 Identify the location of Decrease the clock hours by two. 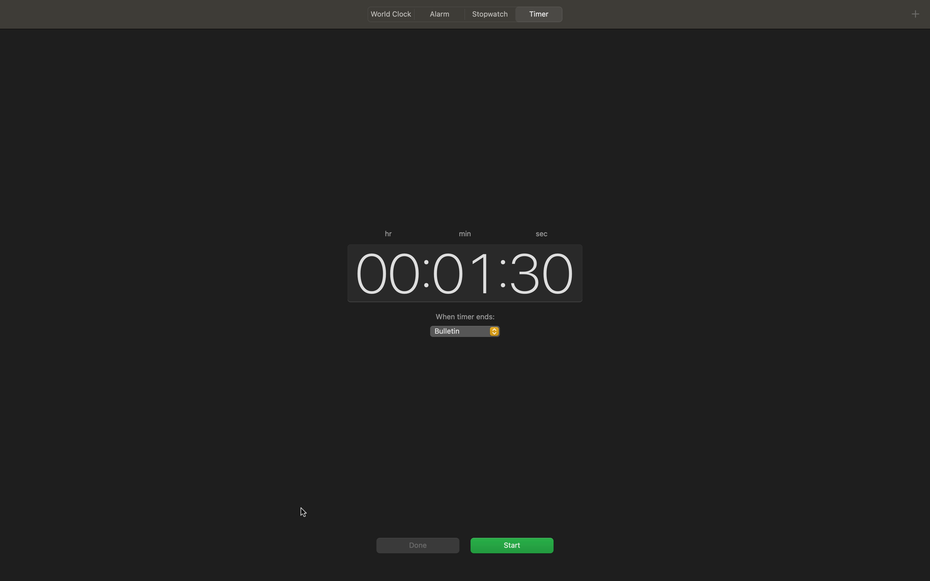
(384, 272).